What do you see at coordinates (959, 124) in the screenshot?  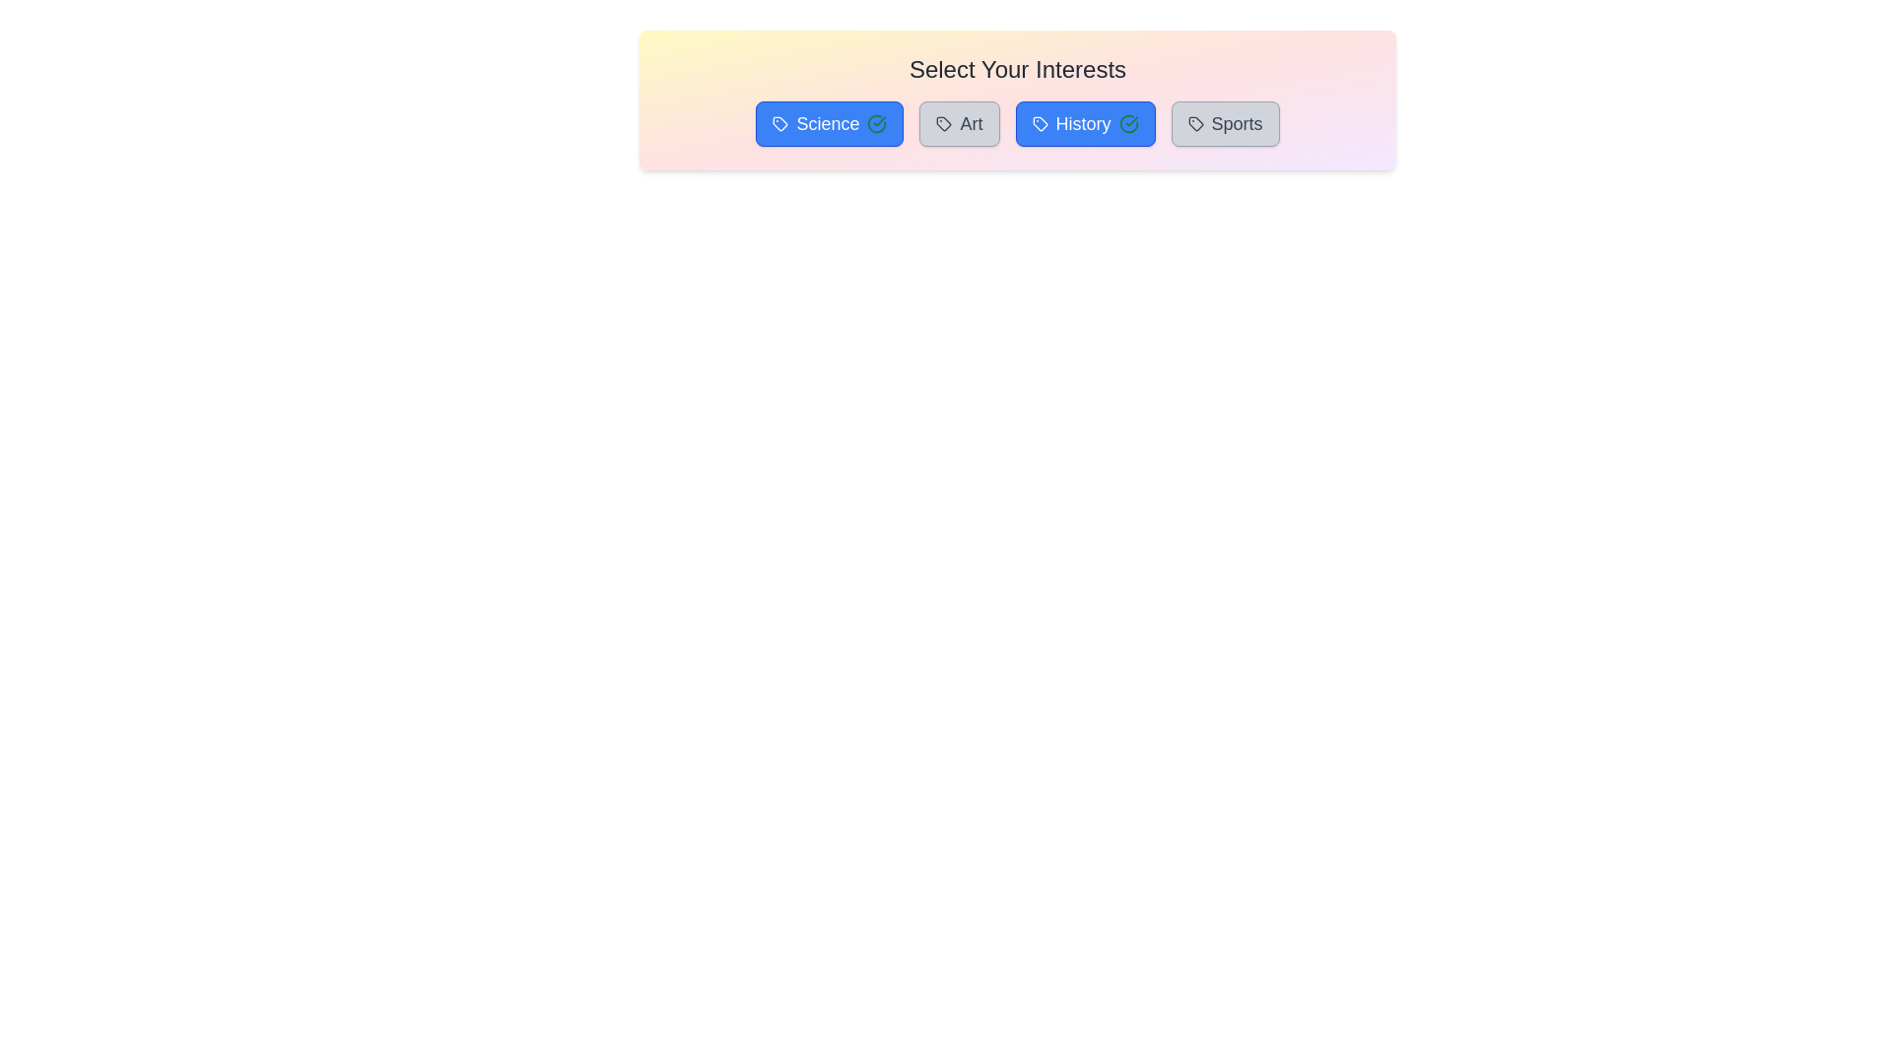 I see `the tag Art` at bounding box center [959, 124].